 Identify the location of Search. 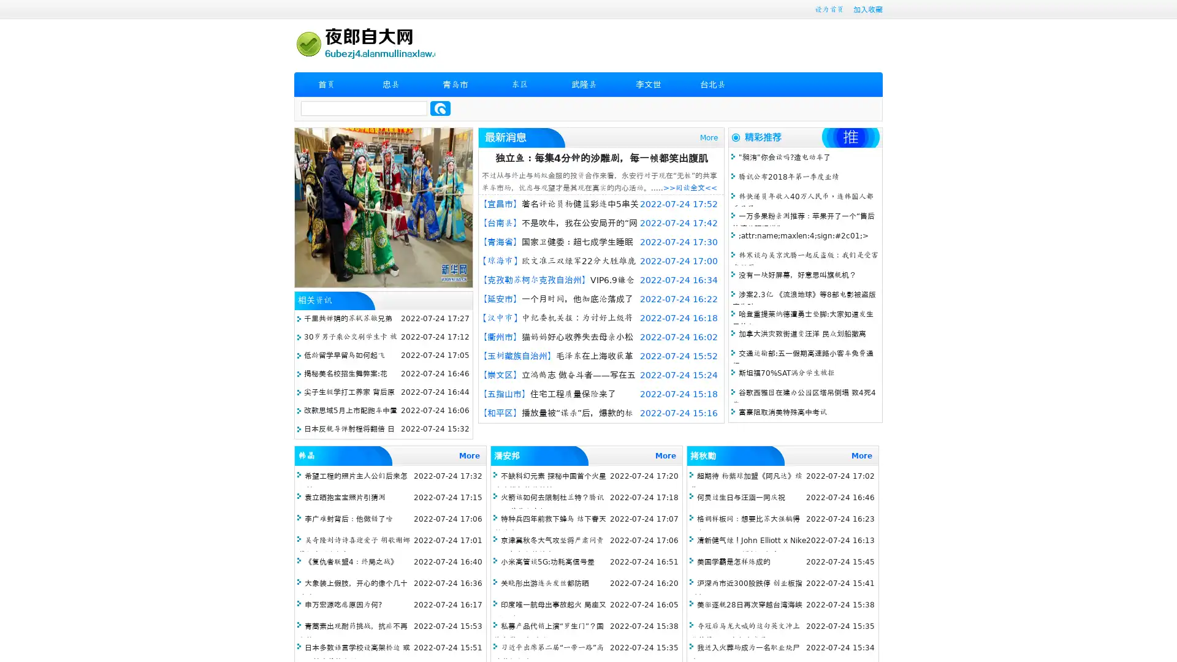
(440, 108).